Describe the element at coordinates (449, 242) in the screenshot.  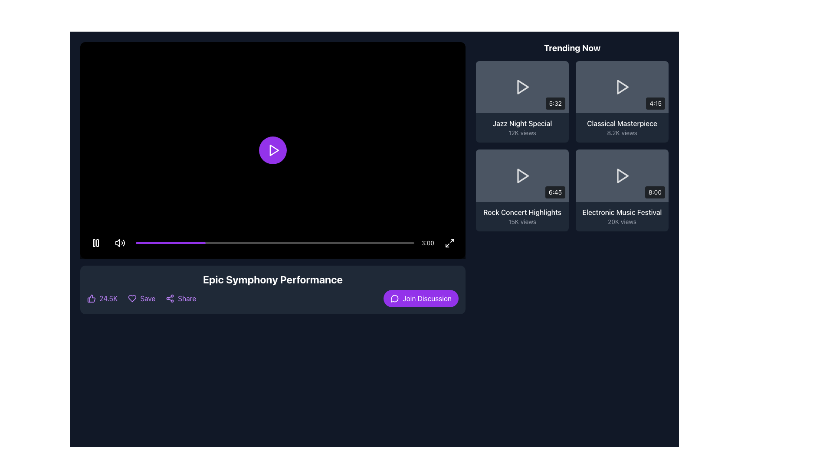
I see `the button located at the bottom-right corner of the video player, adjacent to the timestamp '3:00'` at that location.